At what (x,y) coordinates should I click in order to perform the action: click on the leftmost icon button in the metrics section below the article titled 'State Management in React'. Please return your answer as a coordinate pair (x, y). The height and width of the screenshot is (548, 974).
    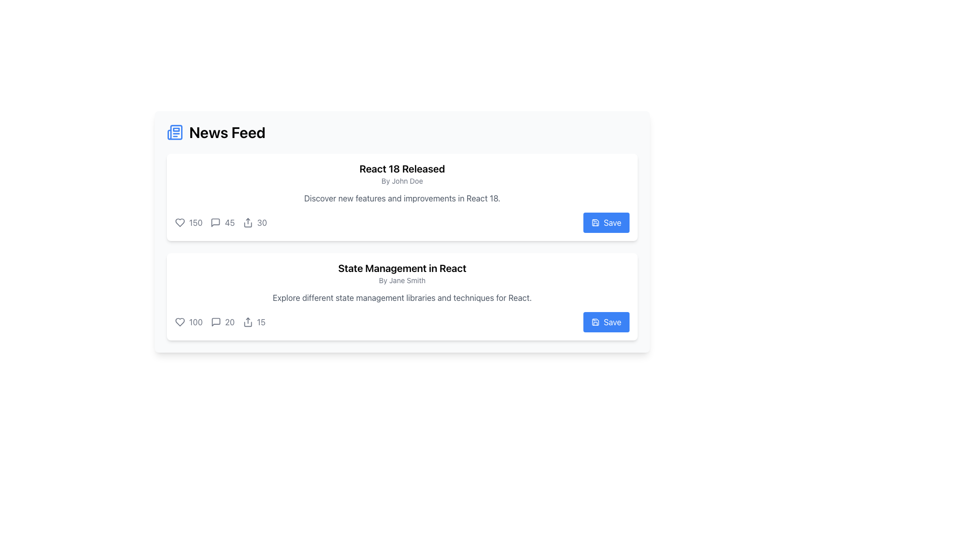
    Looking at the image, I should click on (180, 322).